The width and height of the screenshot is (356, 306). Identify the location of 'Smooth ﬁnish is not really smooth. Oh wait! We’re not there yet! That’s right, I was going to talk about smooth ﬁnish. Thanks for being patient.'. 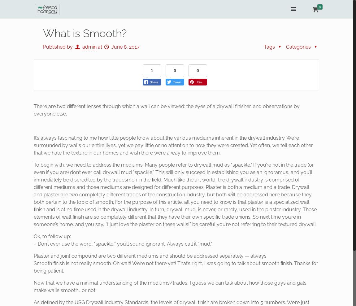
(176, 267).